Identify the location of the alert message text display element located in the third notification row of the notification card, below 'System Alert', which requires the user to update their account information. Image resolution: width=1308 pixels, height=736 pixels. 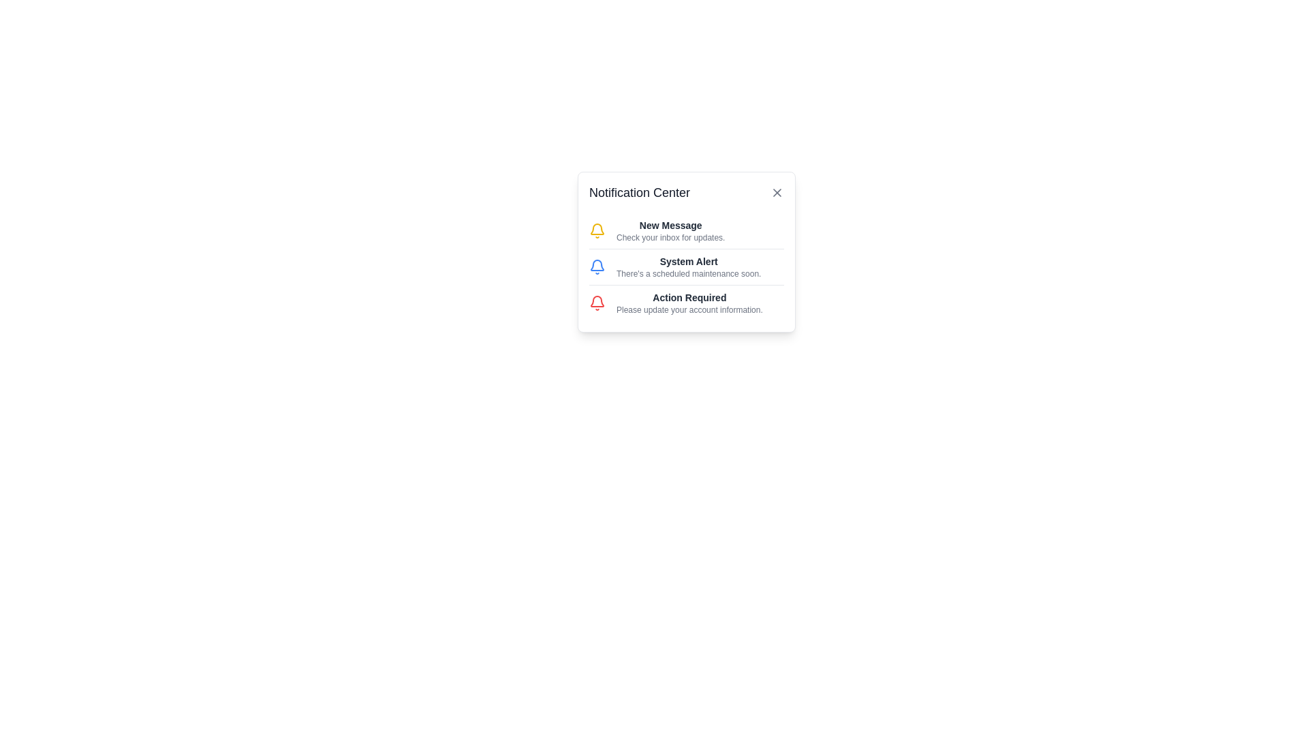
(689, 302).